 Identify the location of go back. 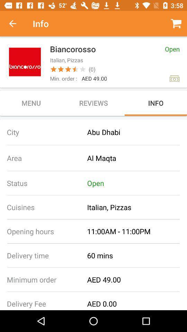
(16, 24).